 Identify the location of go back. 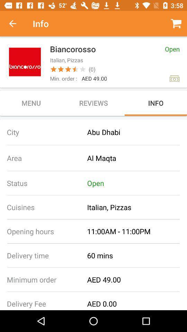
(16, 24).